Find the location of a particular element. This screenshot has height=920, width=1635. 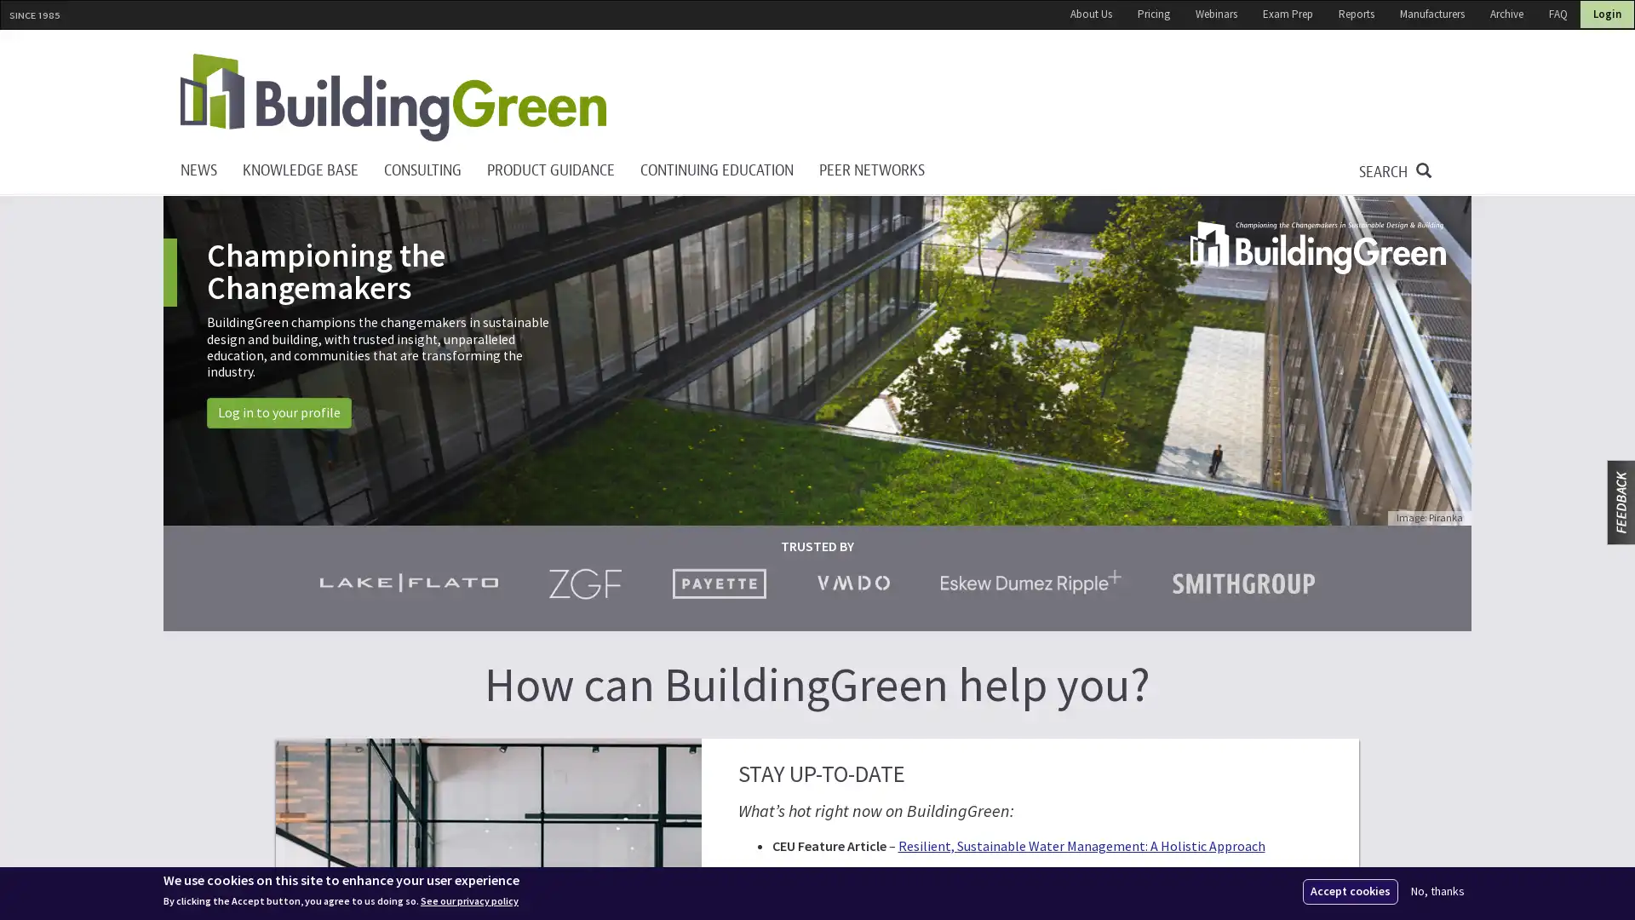

No, thanks is located at coordinates (1437, 890).